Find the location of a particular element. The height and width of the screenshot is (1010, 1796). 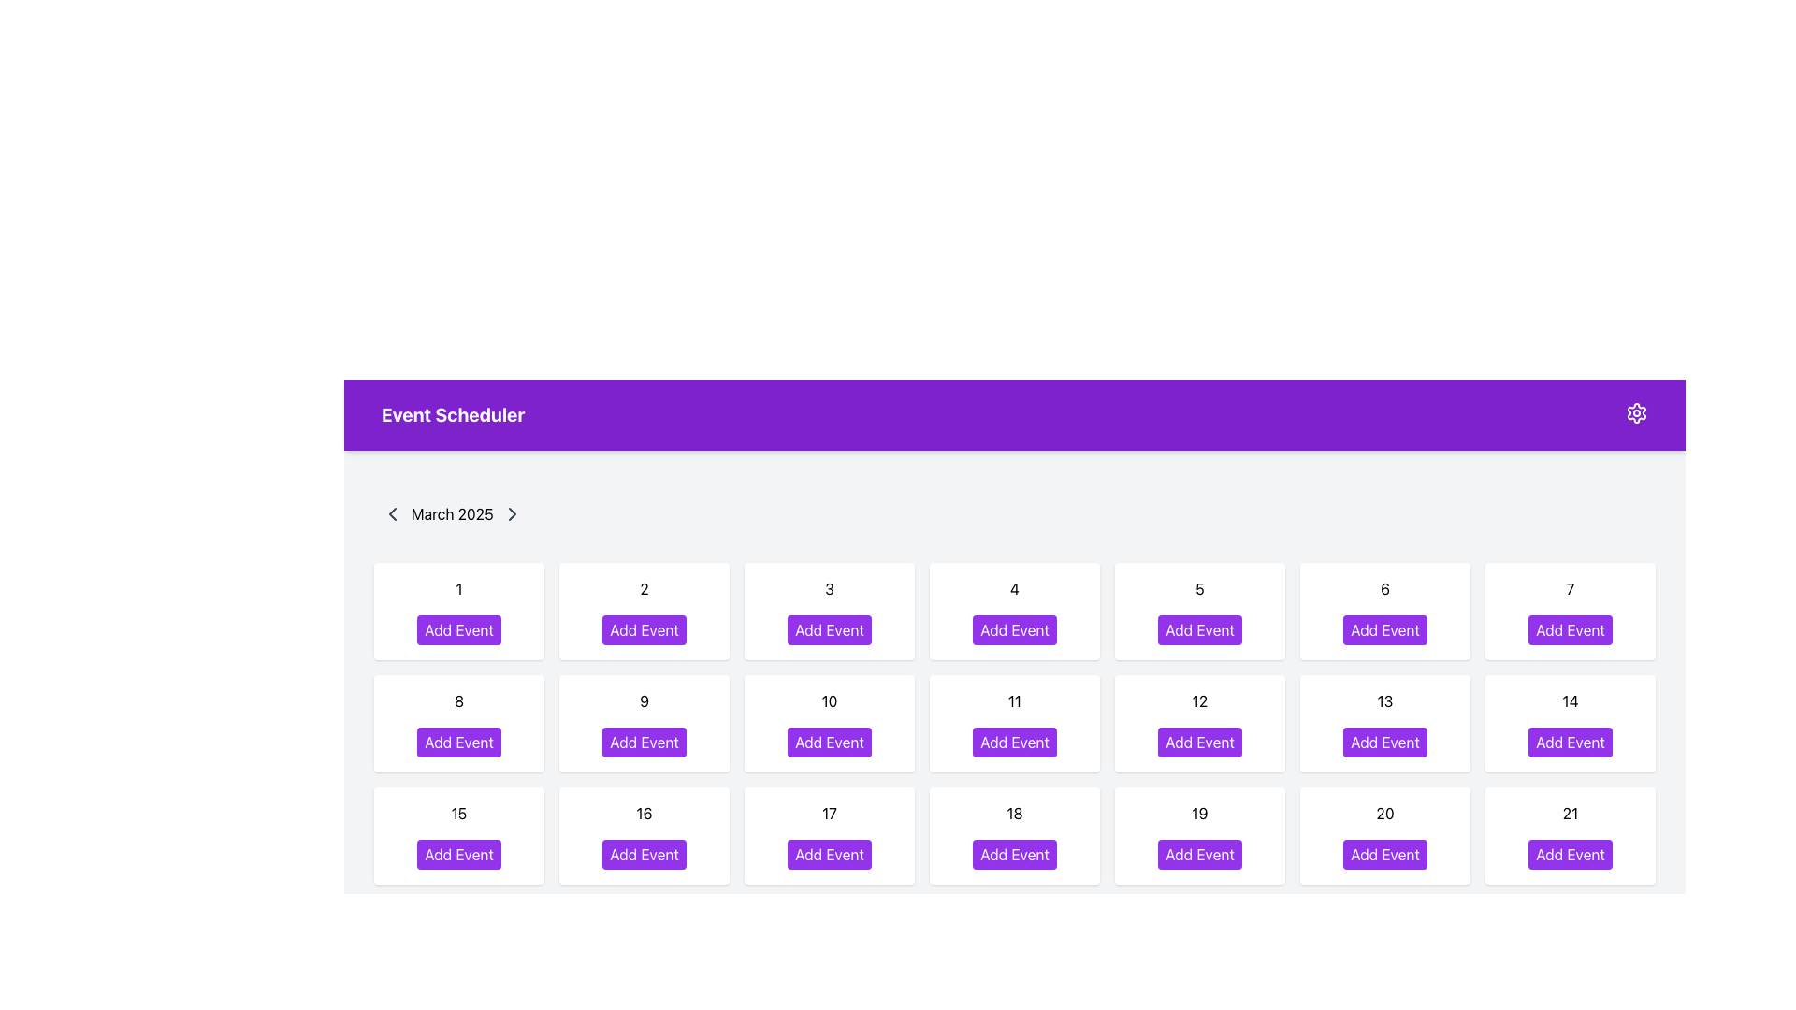

the button for adding an event to the calendar day labeled '16' to invoke the event creation function is located at coordinates (645, 855).